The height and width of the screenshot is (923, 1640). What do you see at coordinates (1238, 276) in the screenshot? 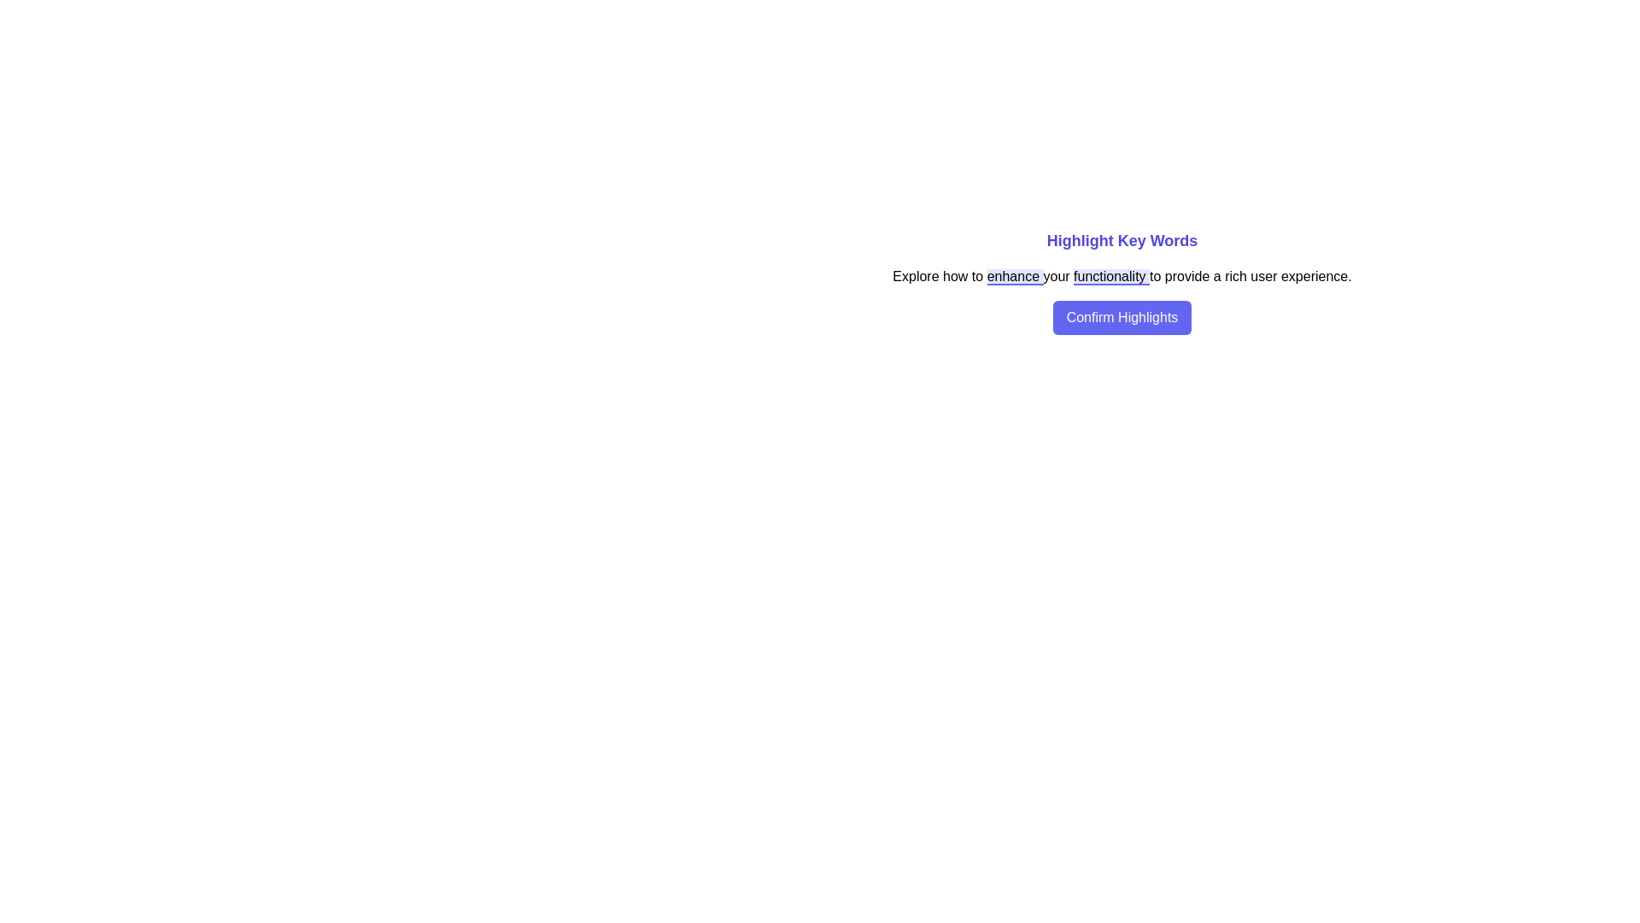
I see `the static text element that is the ninth word in the sentence 'Explore how to enhance your functionality to provide a rich user experience.' located beneath the heading 'Highlight Key Words'` at bounding box center [1238, 276].